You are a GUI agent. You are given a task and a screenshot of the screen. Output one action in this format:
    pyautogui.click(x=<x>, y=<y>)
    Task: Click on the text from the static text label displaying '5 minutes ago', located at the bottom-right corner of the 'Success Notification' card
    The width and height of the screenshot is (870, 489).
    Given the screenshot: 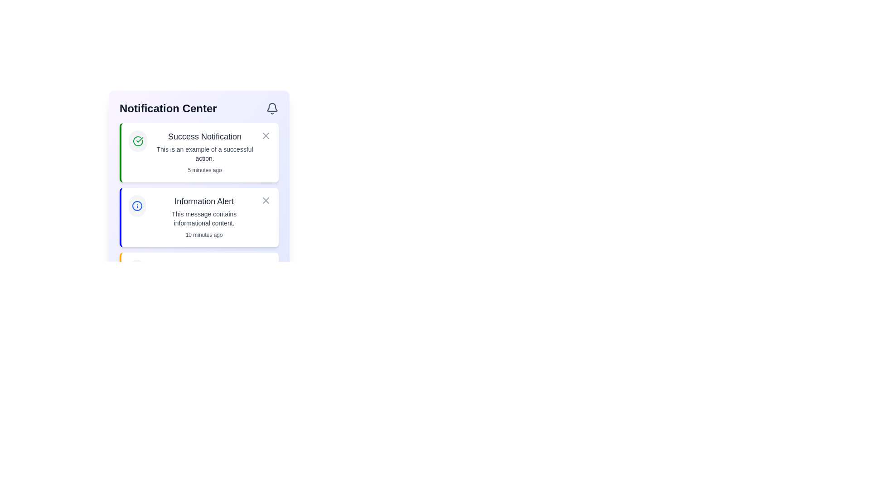 What is the action you would take?
    pyautogui.click(x=204, y=170)
    